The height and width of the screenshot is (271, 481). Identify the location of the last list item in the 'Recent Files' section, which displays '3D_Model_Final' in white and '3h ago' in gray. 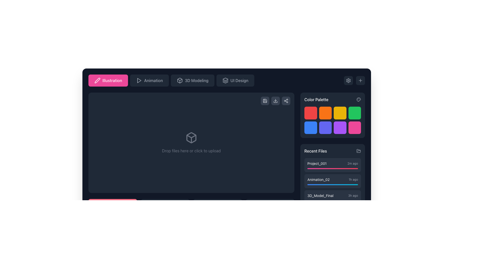
(333, 195).